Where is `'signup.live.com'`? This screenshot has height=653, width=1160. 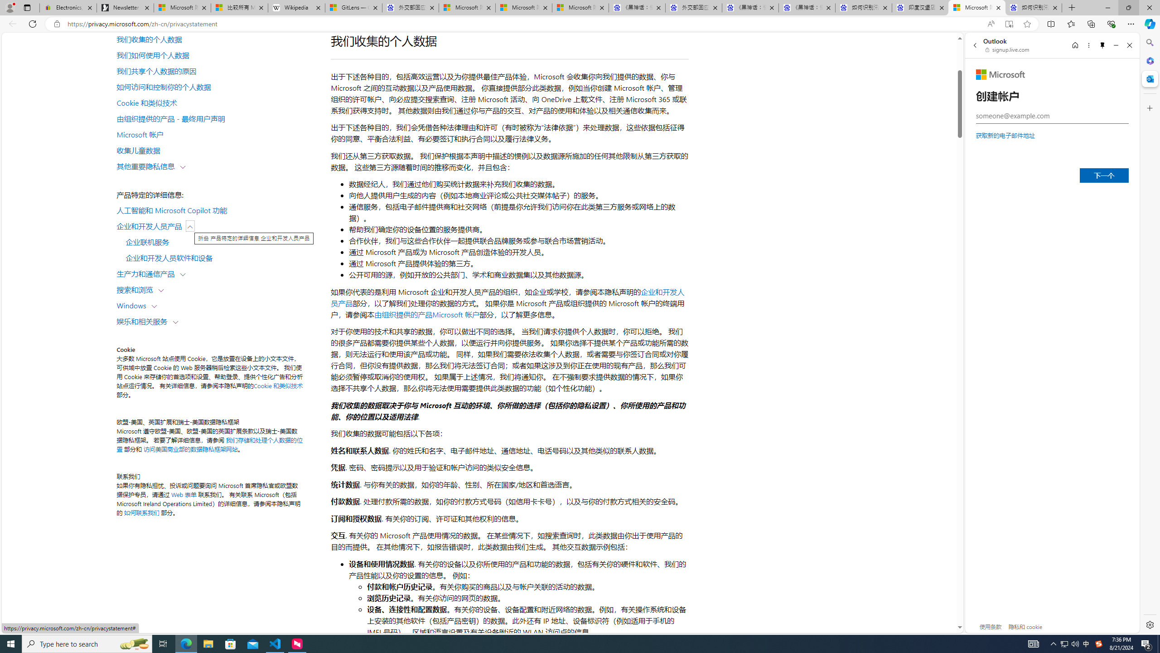
'signup.live.com' is located at coordinates (1007, 49).